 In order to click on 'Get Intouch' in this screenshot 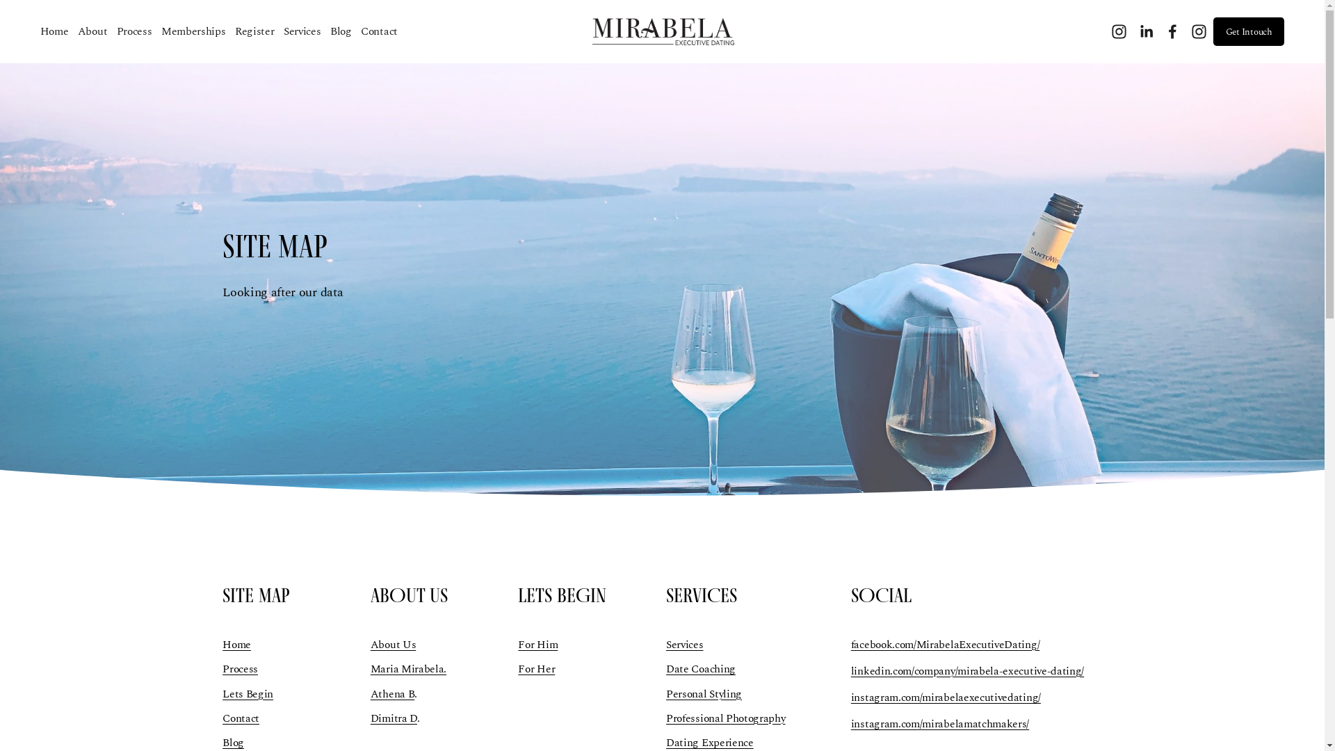, I will do `click(1213, 31)`.